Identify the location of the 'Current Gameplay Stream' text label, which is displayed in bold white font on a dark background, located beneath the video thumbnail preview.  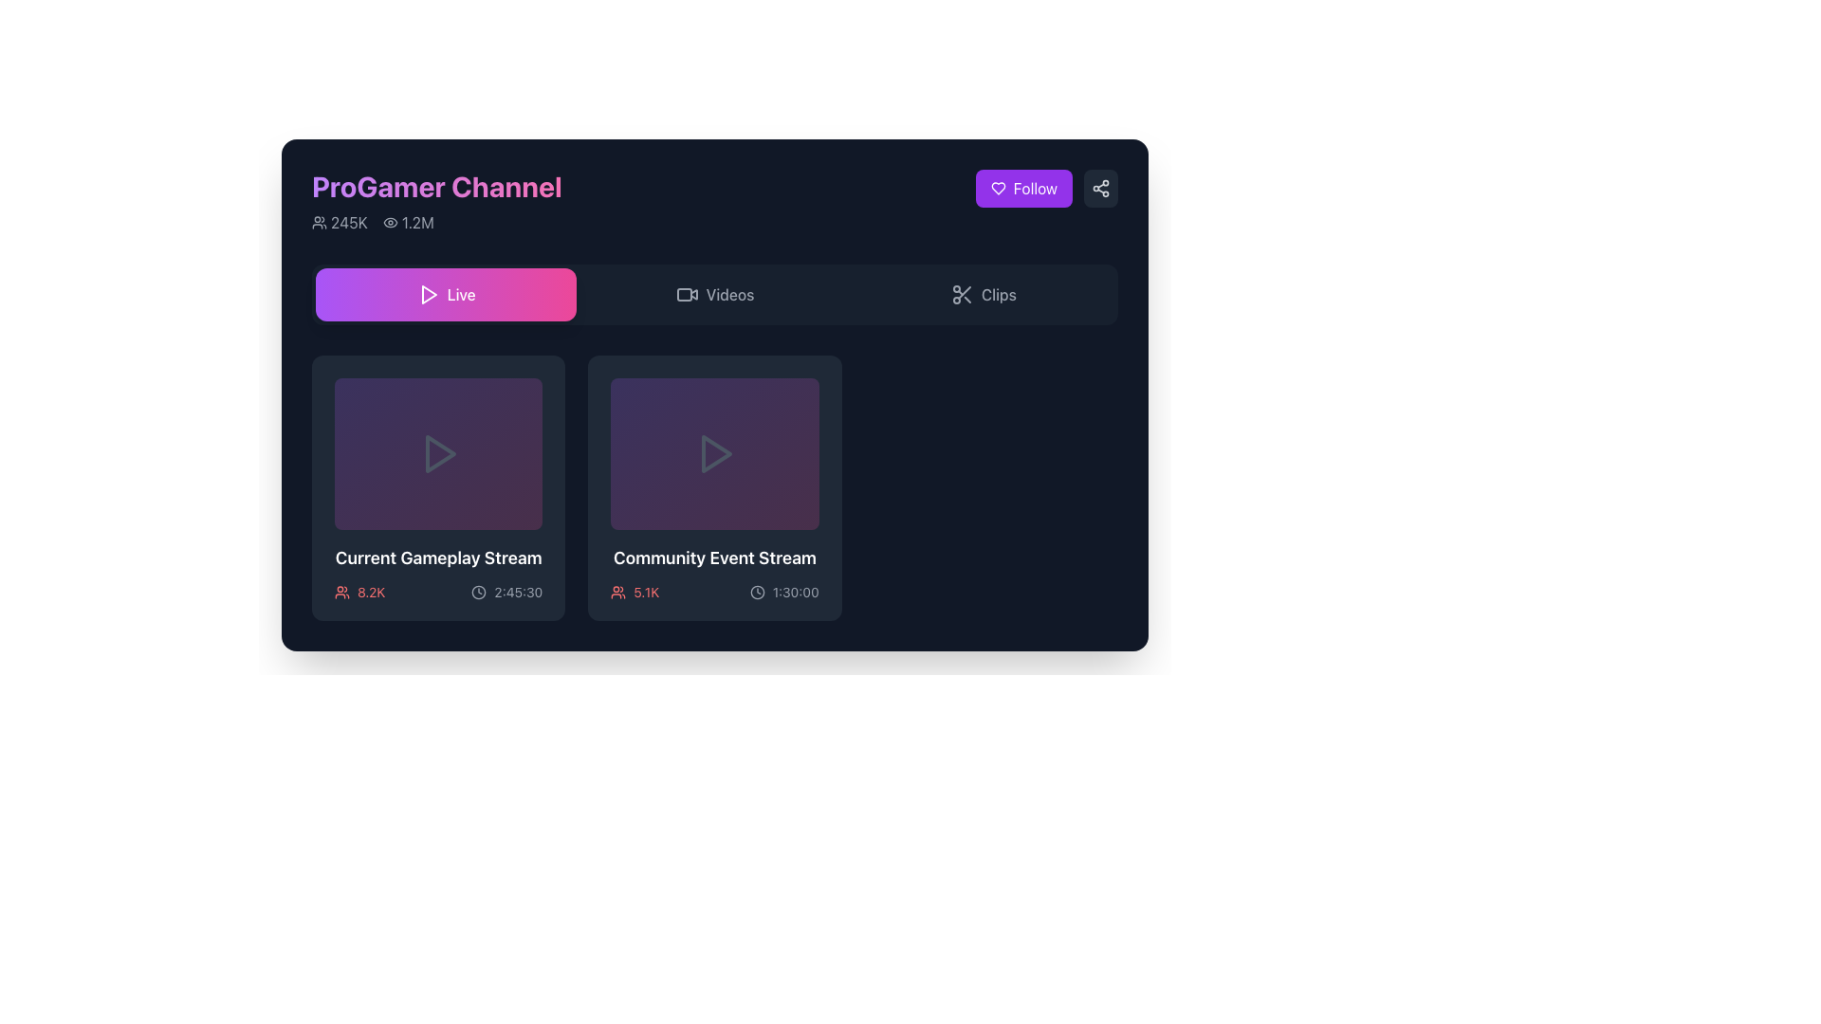
(437, 558).